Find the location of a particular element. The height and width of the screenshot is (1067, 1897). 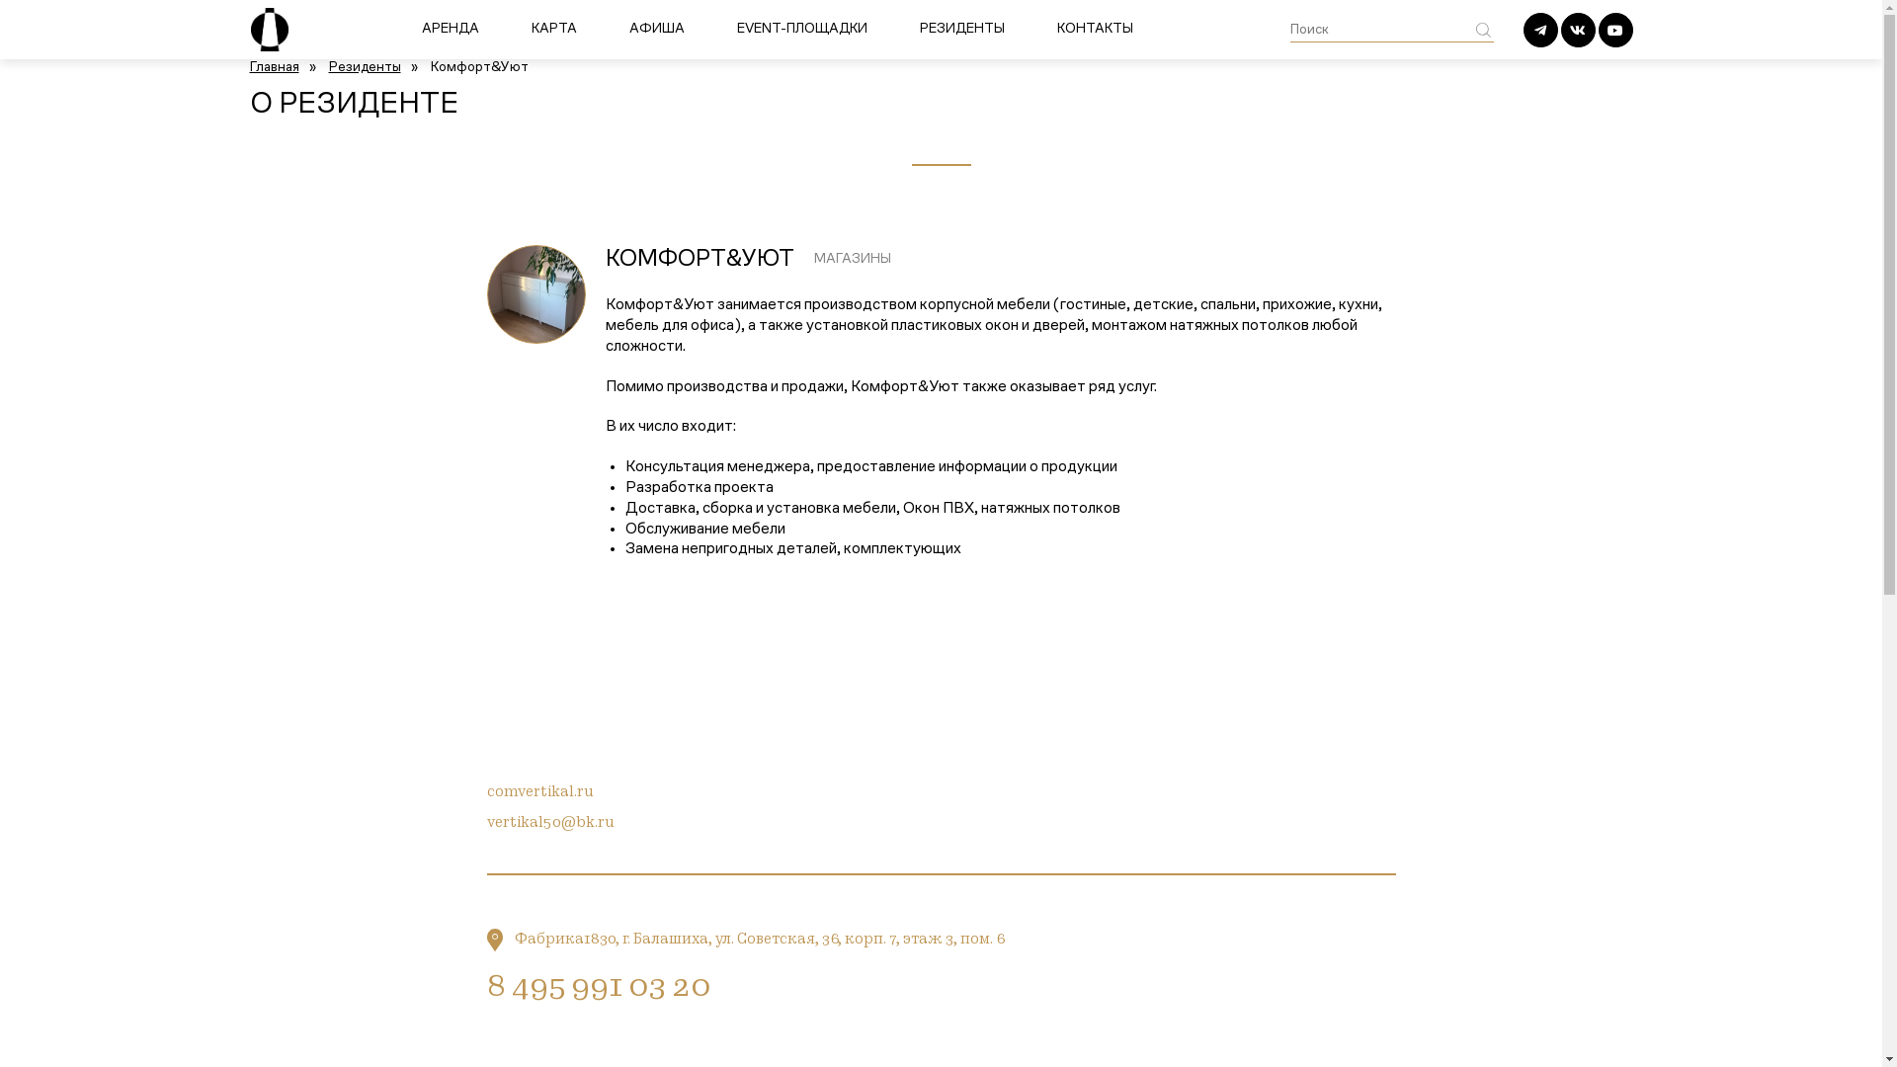

'comvertikal.ru' is located at coordinates (539, 791).